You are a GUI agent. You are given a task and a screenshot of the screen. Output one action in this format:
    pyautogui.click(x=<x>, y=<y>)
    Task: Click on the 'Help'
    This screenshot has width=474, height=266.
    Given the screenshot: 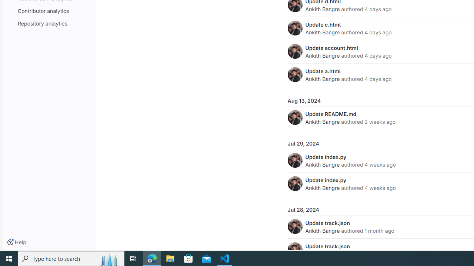 What is the action you would take?
    pyautogui.click(x=17, y=242)
    